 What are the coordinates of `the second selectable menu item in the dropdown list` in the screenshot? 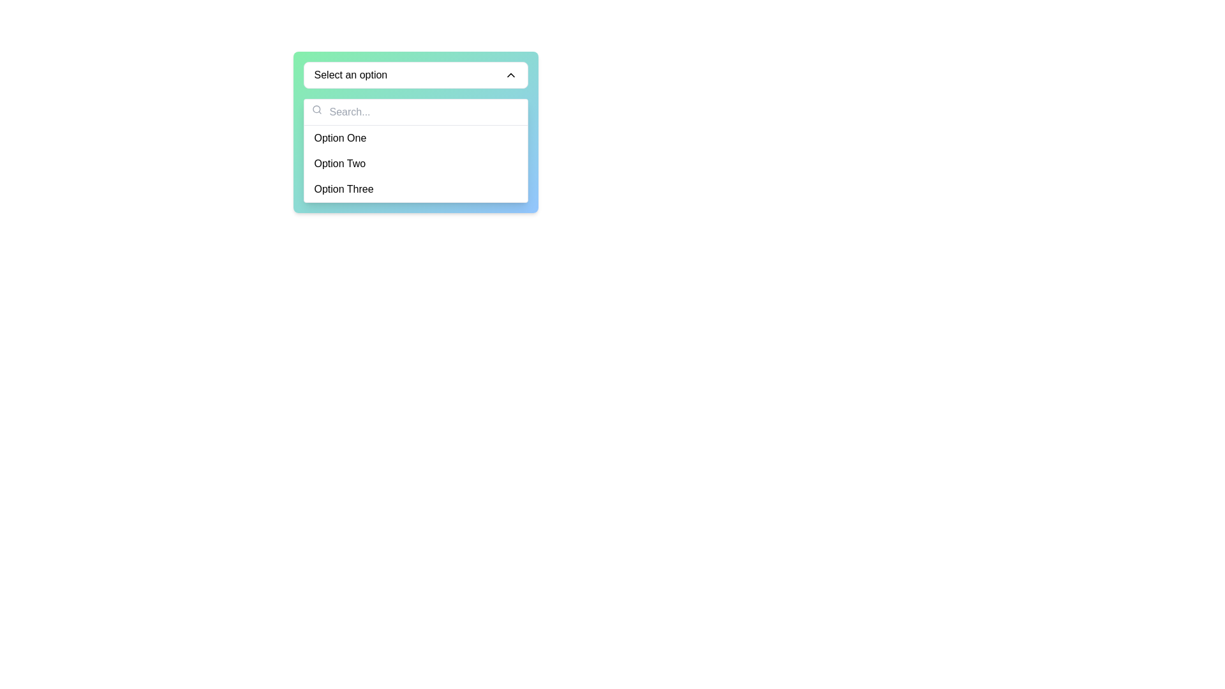 It's located at (415, 163).